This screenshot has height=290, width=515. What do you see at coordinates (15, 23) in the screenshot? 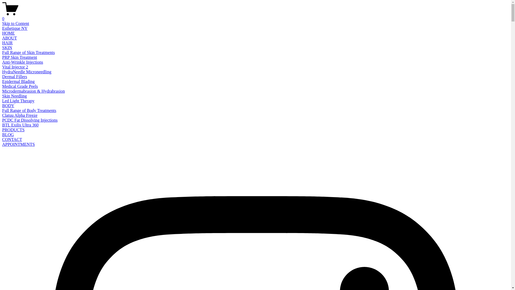
I see `'Skip to Content'` at bounding box center [15, 23].